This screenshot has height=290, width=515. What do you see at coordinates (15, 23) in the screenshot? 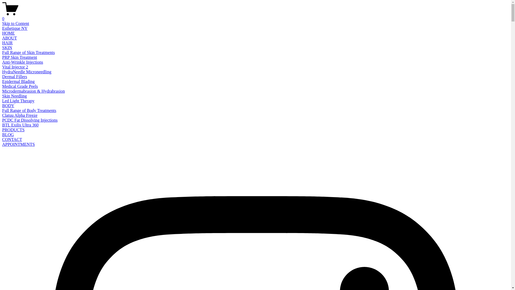
I see `'Skip to Content'` at bounding box center [15, 23].